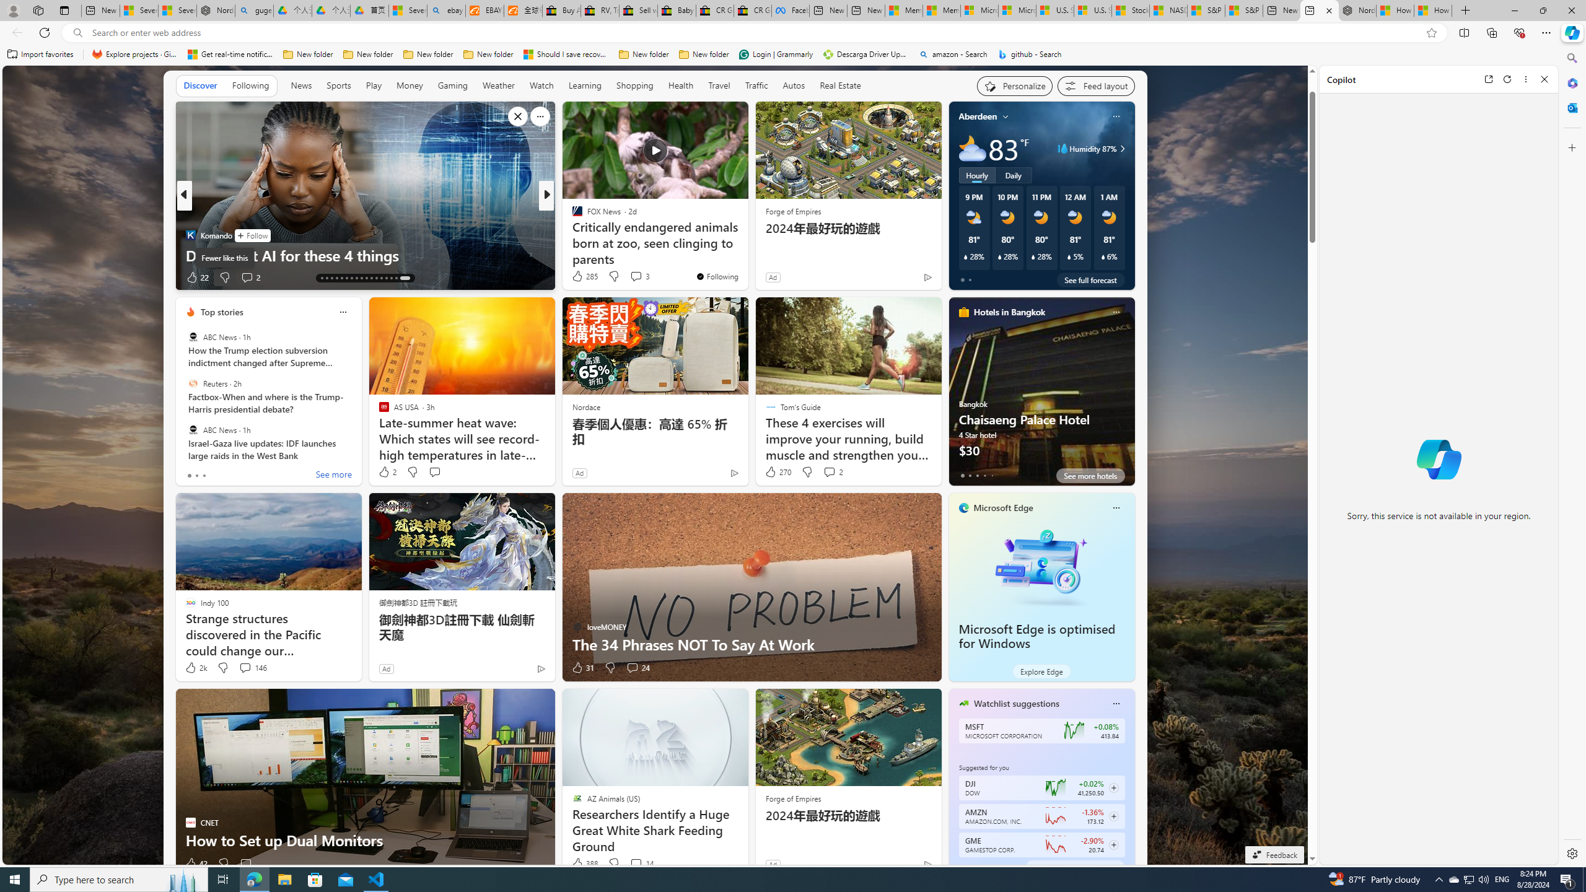 The image size is (1586, 892). I want to click on 'Class: weather-current-precipitation-glyph', so click(1103, 256).